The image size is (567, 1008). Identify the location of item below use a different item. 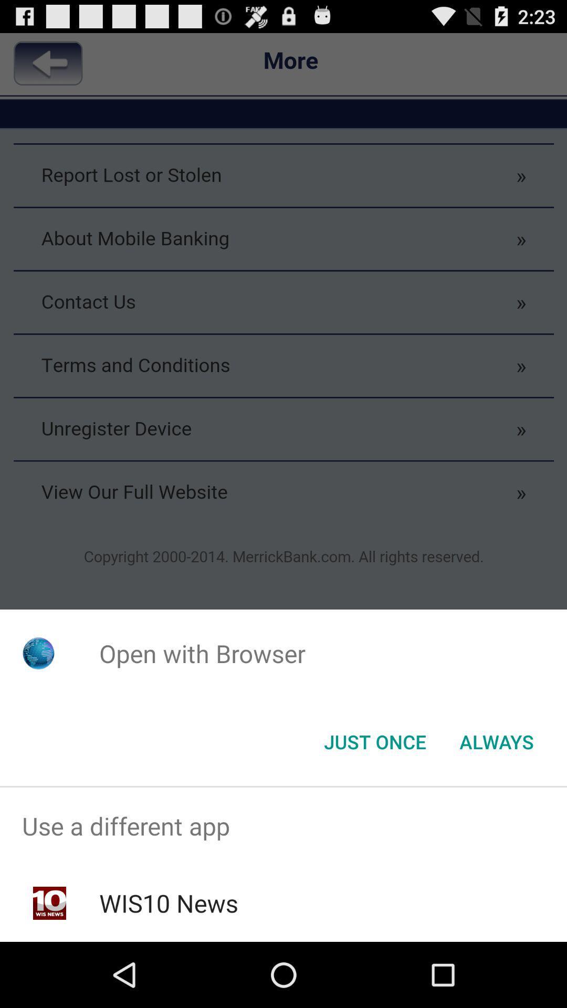
(168, 902).